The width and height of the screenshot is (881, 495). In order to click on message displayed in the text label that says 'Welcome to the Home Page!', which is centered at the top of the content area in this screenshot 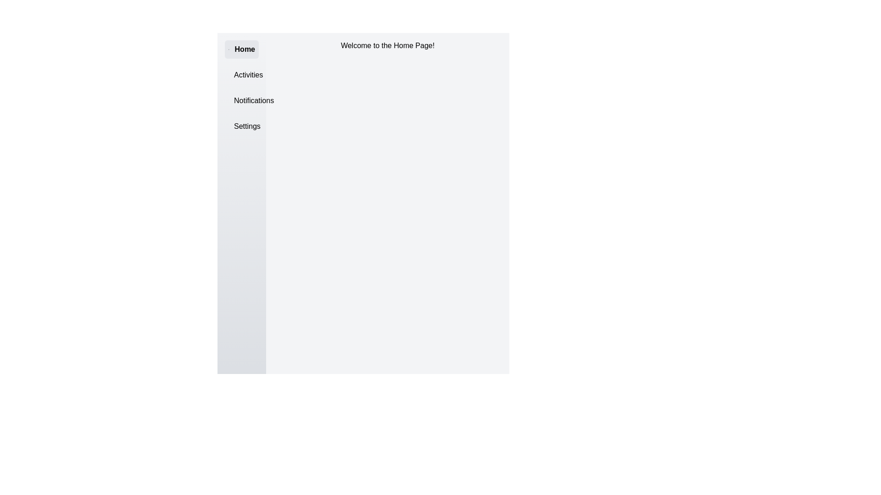, I will do `click(387, 46)`.